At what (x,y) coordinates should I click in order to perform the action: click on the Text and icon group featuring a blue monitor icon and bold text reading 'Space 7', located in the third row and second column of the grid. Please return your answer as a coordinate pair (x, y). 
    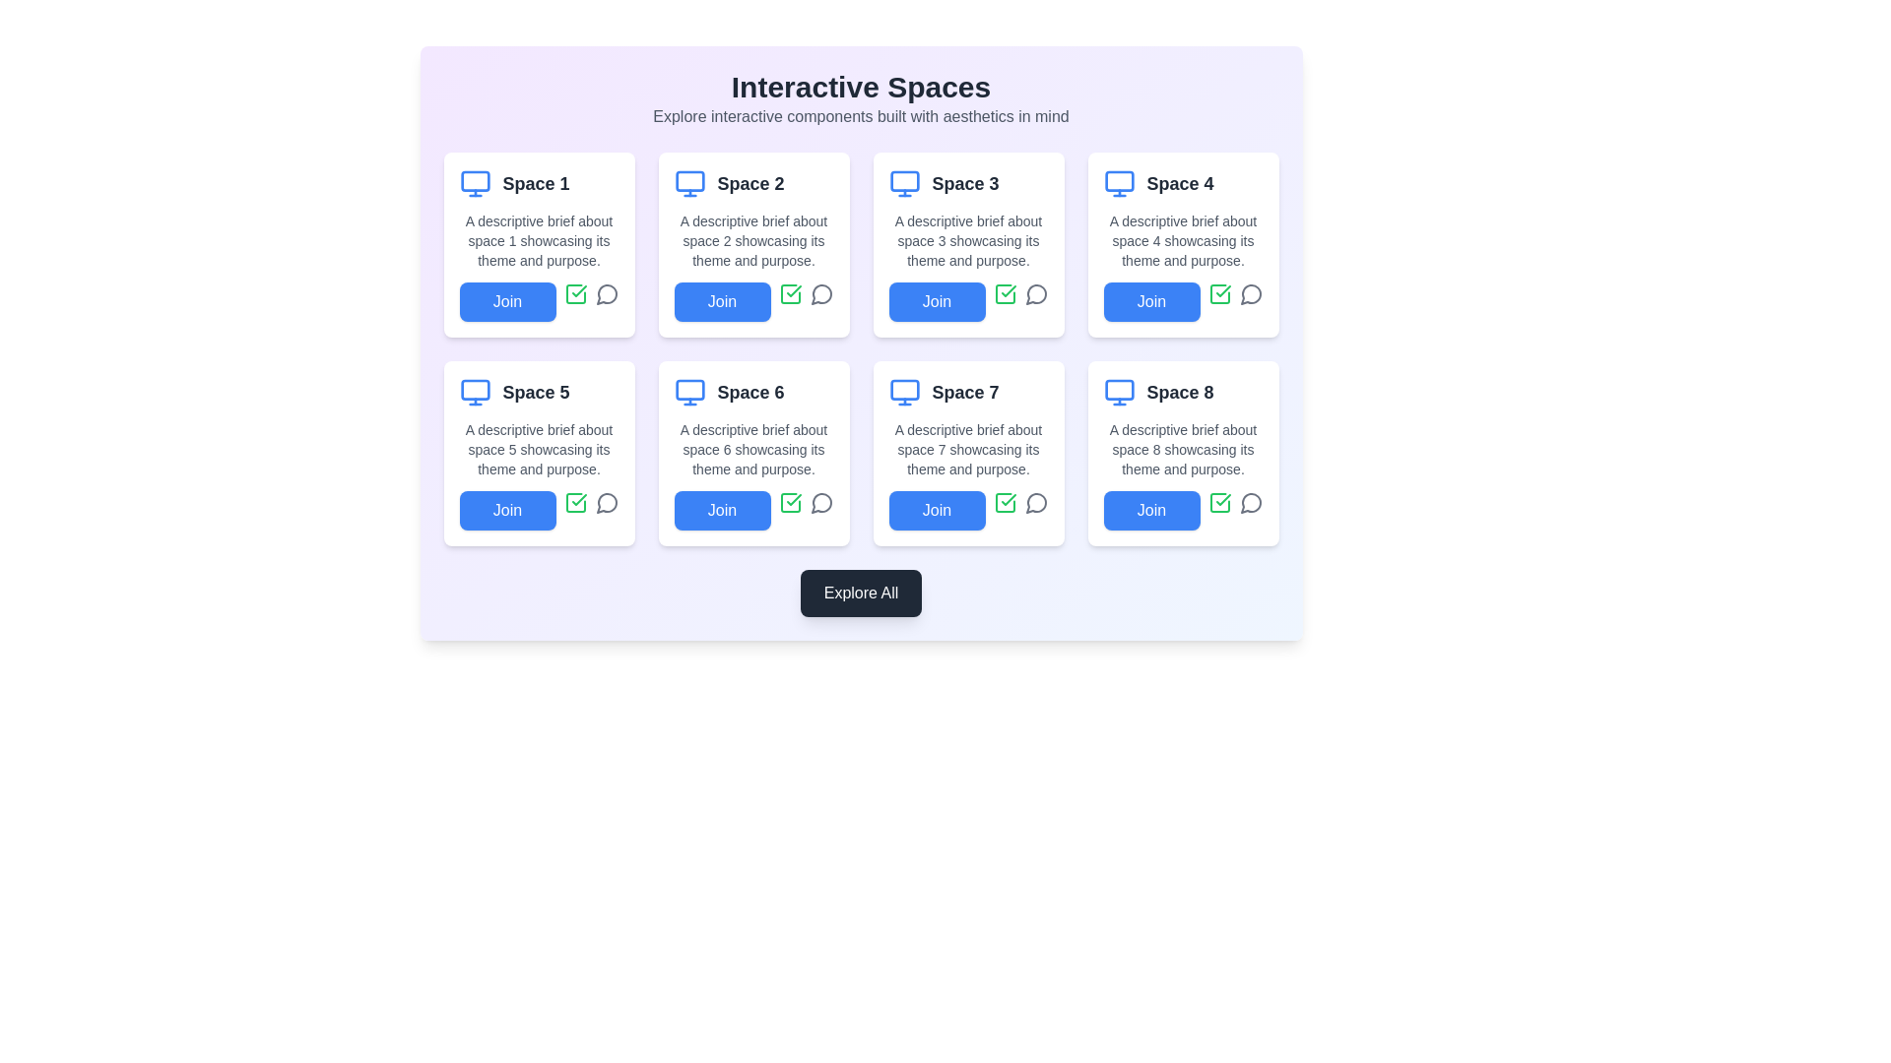
    Looking at the image, I should click on (968, 392).